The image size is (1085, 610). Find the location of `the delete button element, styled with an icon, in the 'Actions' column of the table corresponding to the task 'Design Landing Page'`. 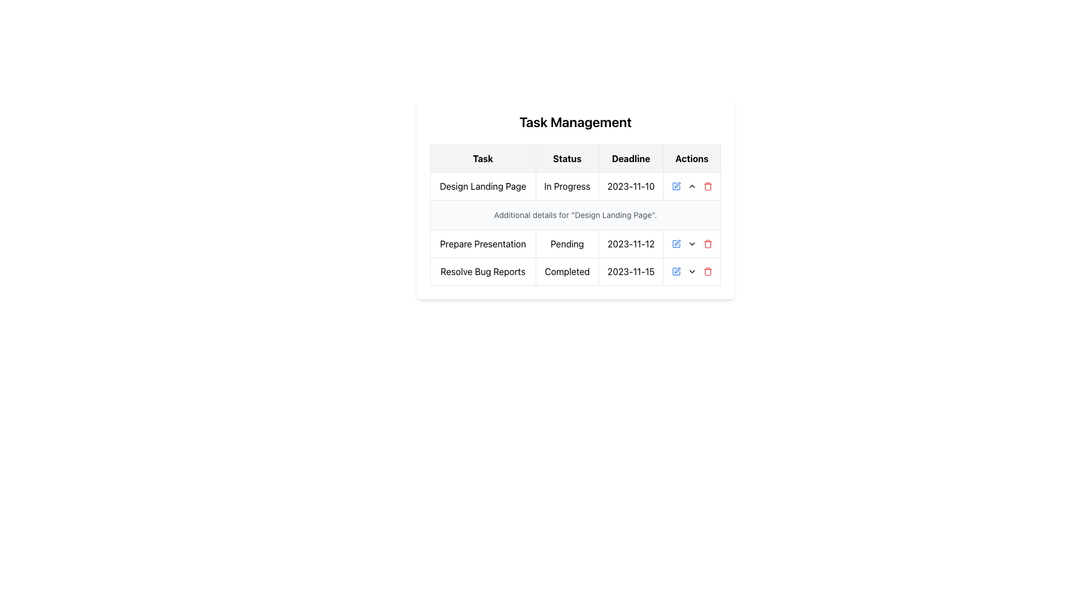

the delete button element, styled with an icon, in the 'Actions' column of the table corresponding to the task 'Design Landing Page' is located at coordinates (707, 186).